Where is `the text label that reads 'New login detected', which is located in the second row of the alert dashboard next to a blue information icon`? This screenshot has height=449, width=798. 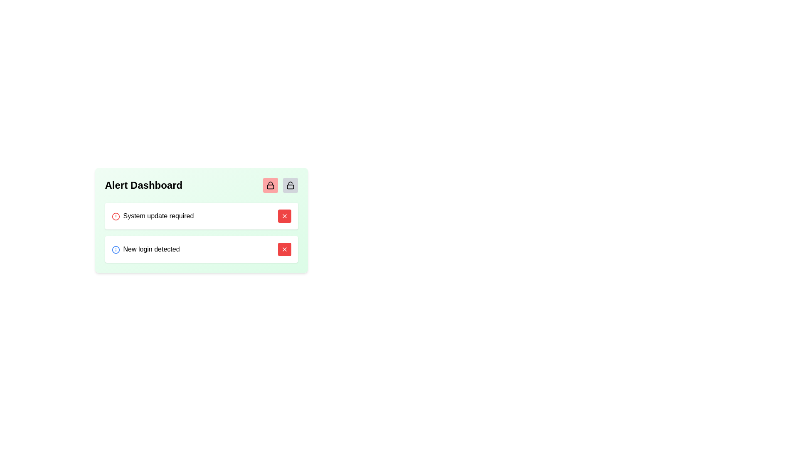
the text label that reads 'New login detected', which is located in the second row of the alert dashboard next to a blue information icon is located at coordinates (145, 249).